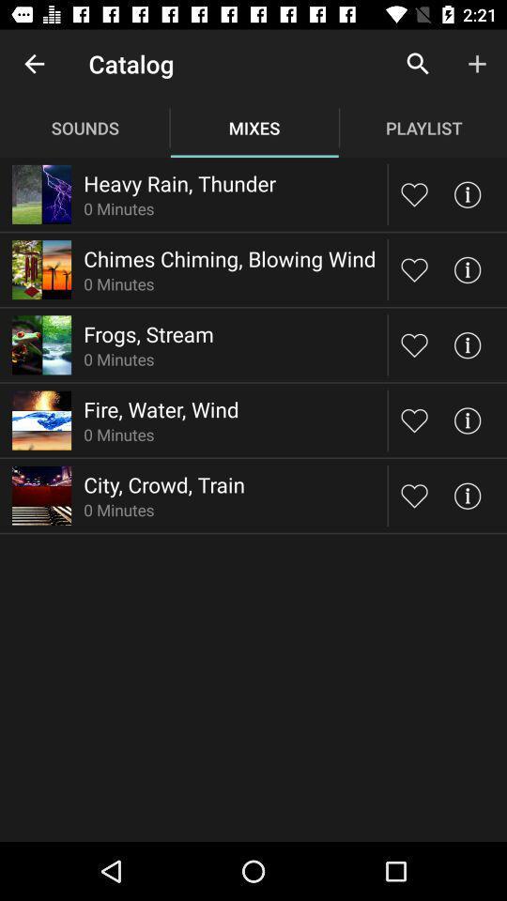 The image size is (507, 901). I want to click on press here if you love this playlist, so click(414, 495).